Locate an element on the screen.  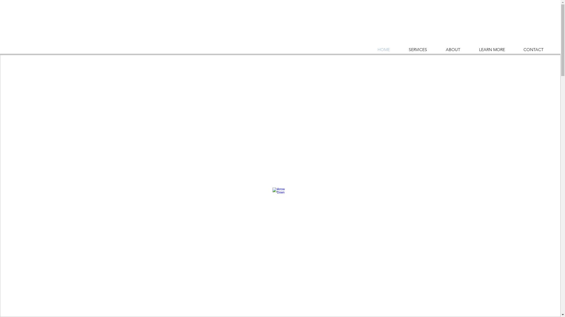
'CONTACT' is located at coordinates (533, 49).